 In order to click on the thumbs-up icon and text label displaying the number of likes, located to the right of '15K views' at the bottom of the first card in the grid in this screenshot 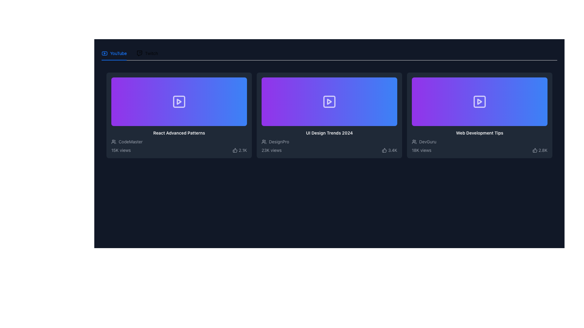, I will do `click(239, 150)`.